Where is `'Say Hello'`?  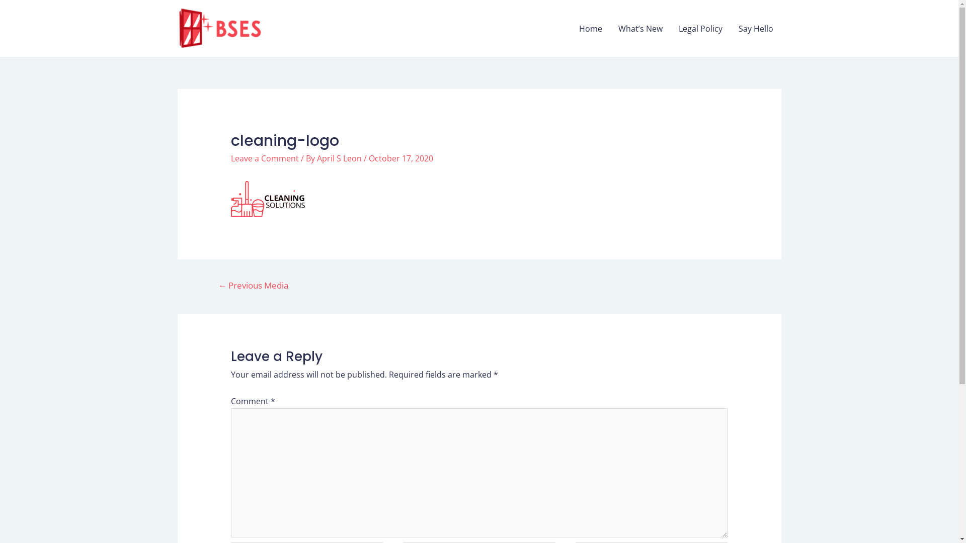
'Say Hello' is located at coordinates (756, 28).